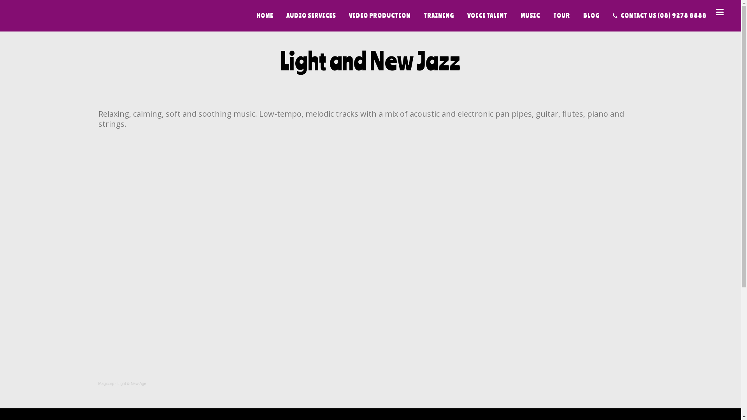  I want to click on 'BLOG', so click(591, 15).